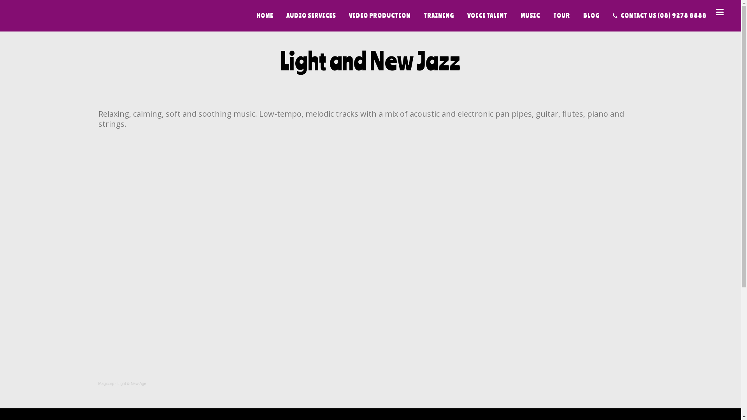  I want to click on 'BLOG', so click(591, 15).